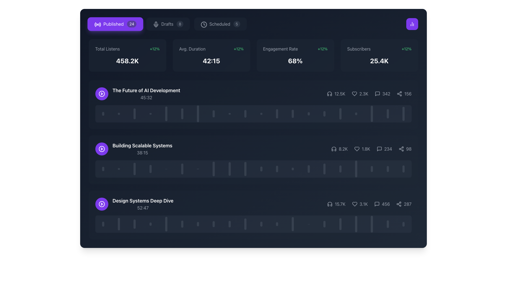 Image resolution: width=520 pixels, height=292 pixels. Describe the element at coordinates (155, 24) in the screenshot. I see `the microphone icon located in the navigation bar next to the 'Drafts' text` at that location.